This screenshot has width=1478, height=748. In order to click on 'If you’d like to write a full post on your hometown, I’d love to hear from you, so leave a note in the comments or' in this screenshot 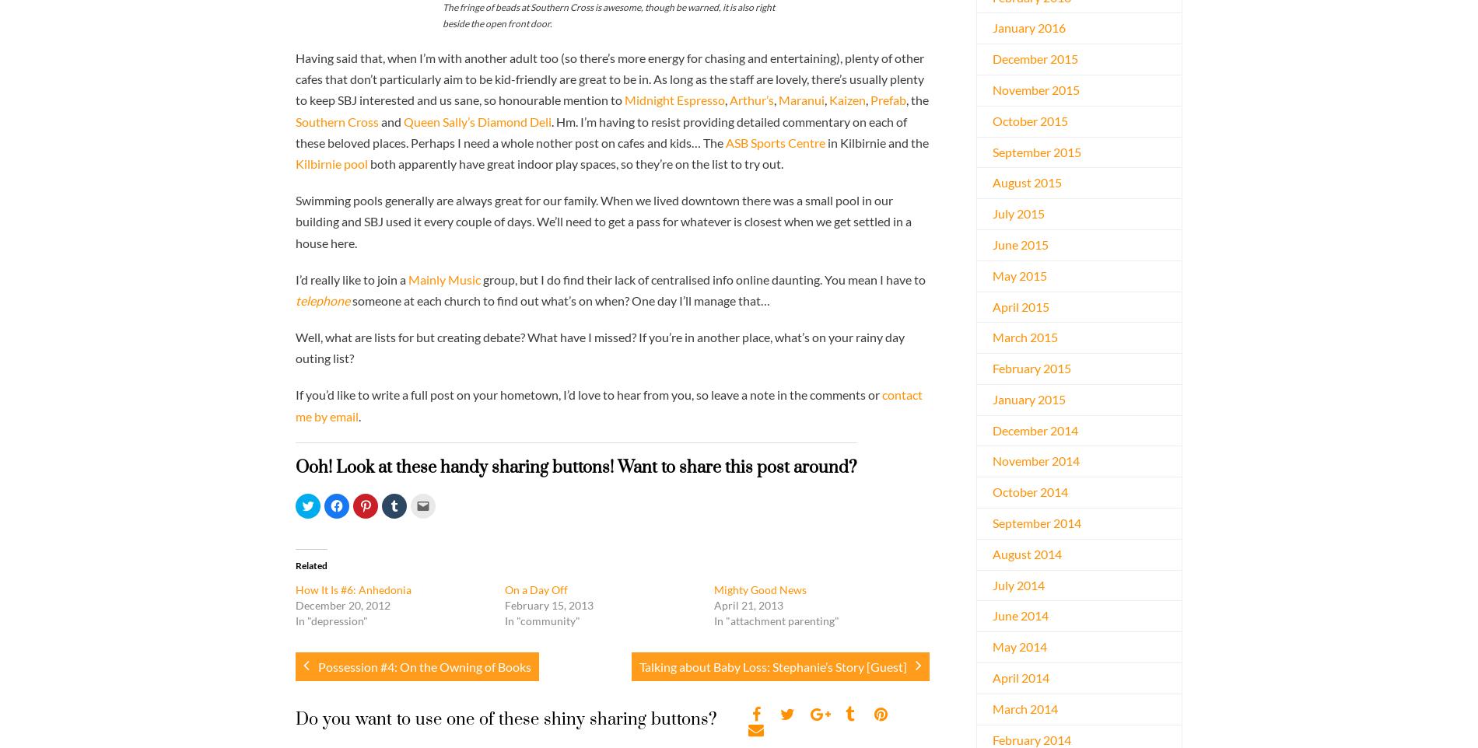, I will do `click(295, 393)`.